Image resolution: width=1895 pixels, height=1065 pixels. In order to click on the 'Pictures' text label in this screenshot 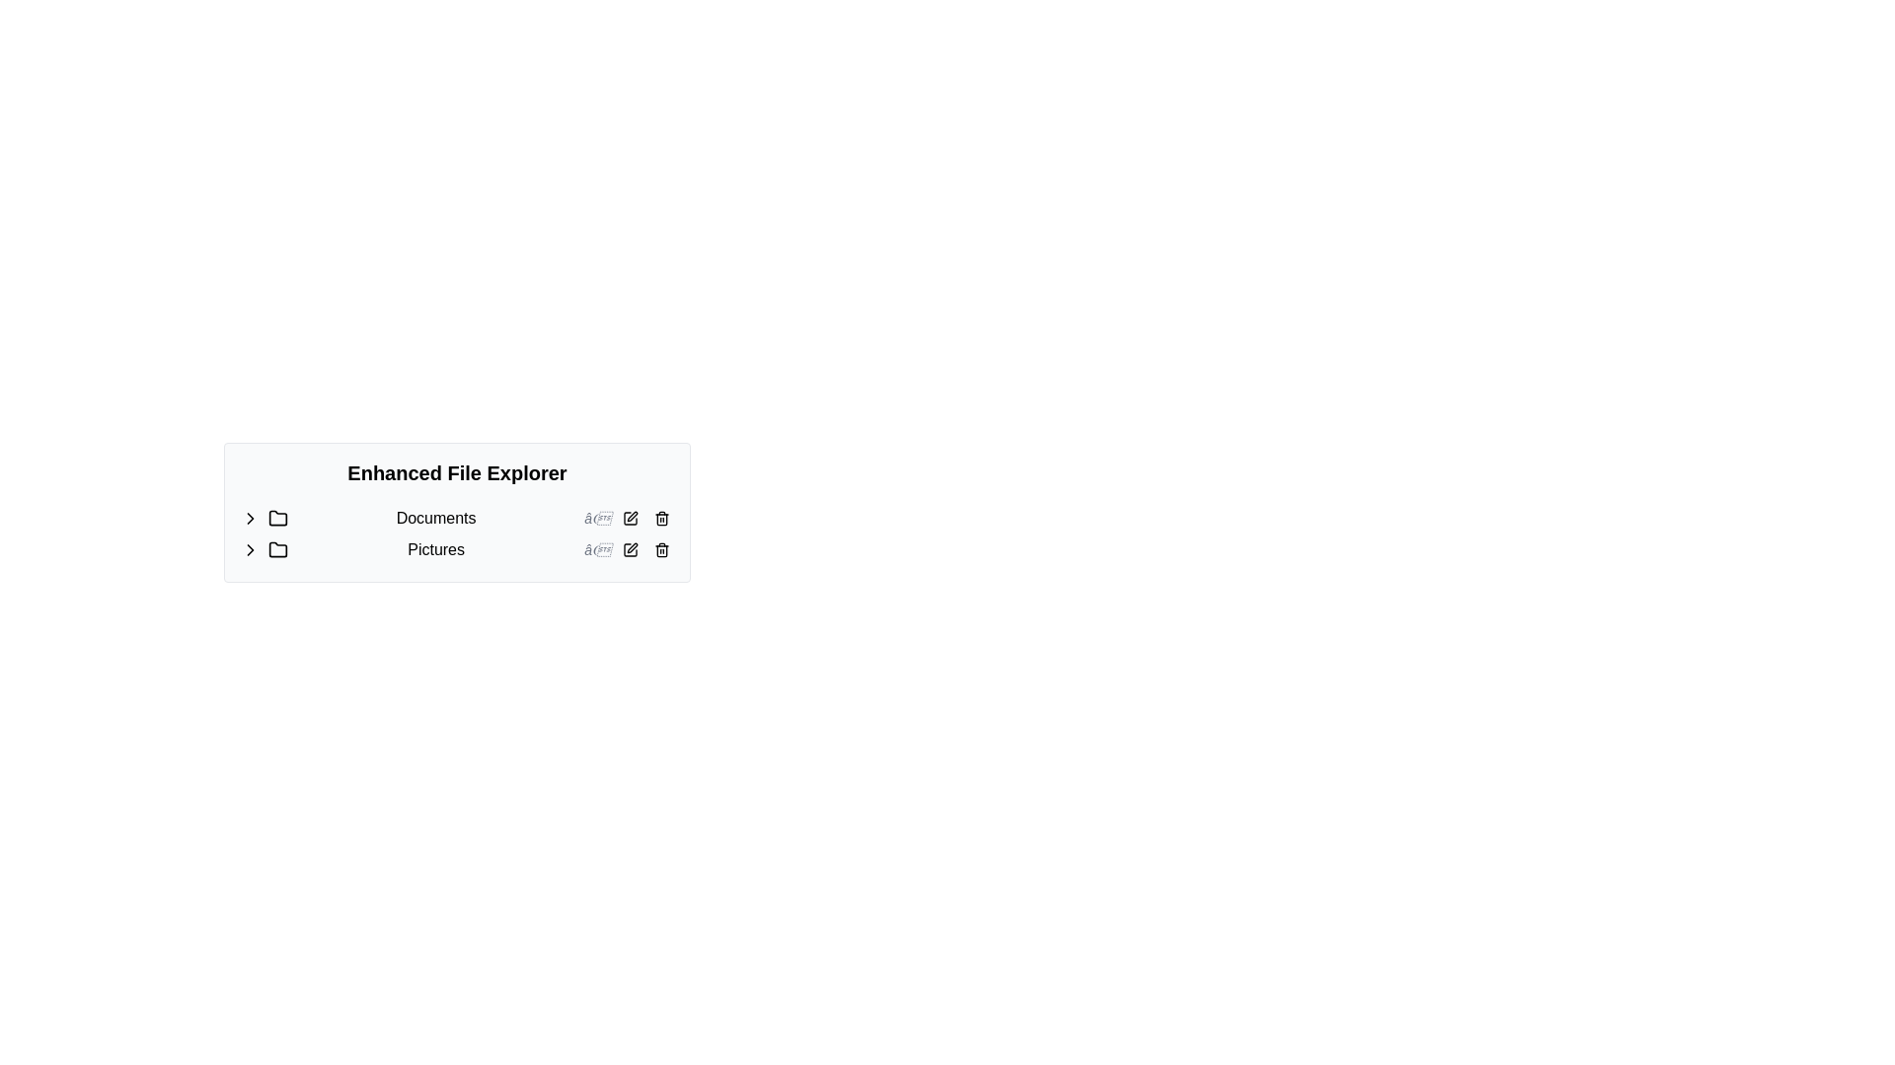, I will do `click(434, 550)`.